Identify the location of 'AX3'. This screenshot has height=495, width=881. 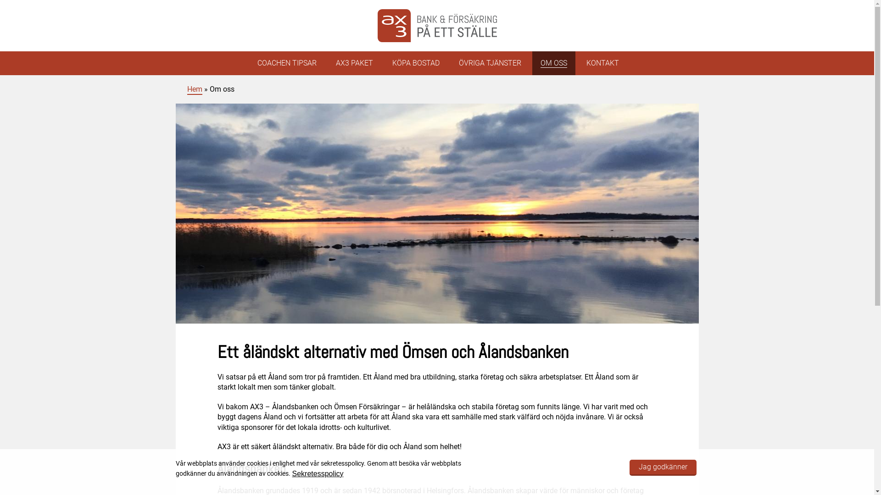
(436, 25).